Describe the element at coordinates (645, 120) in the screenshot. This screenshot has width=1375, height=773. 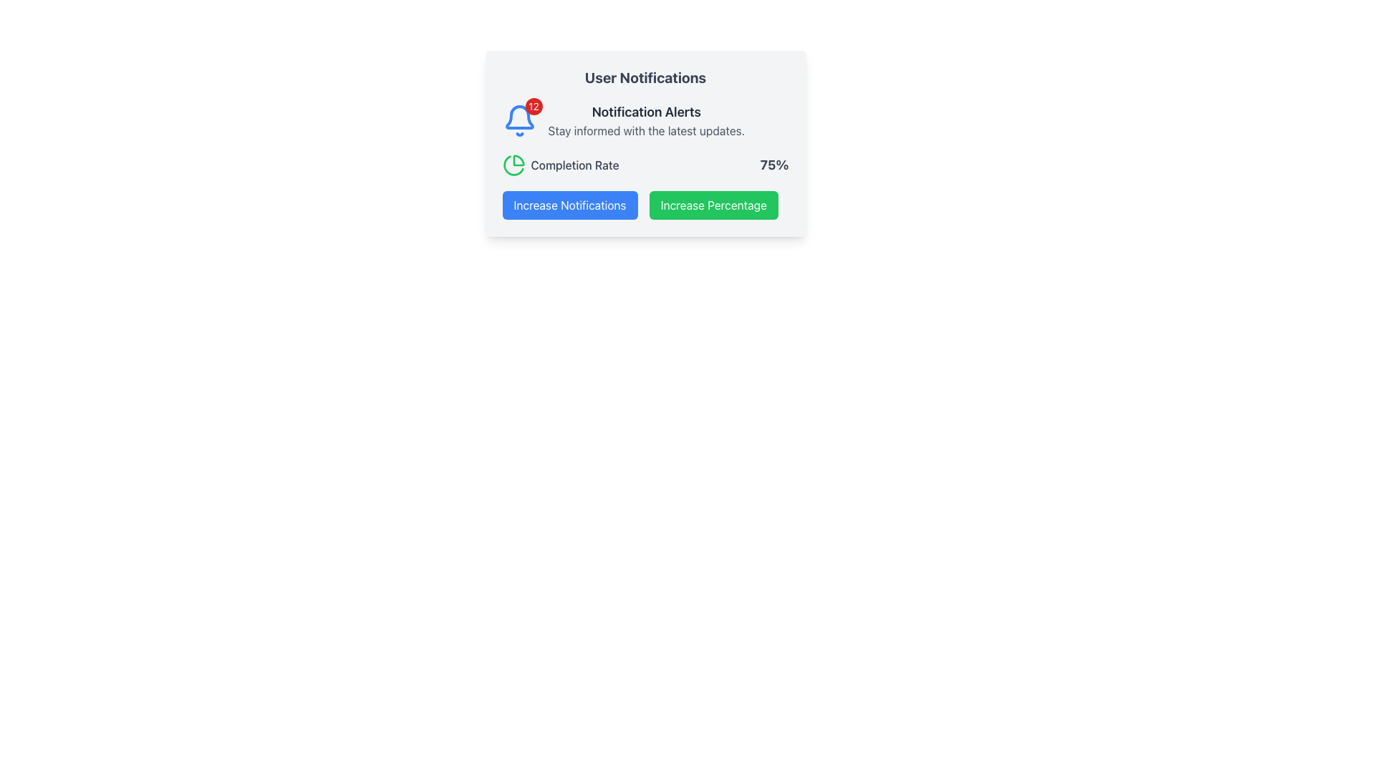
I see `text block containing the header 'Notification Alerts' and the subheader 'Stay informed with the latest updates.' positioned under 'User Notifications'` at that location.